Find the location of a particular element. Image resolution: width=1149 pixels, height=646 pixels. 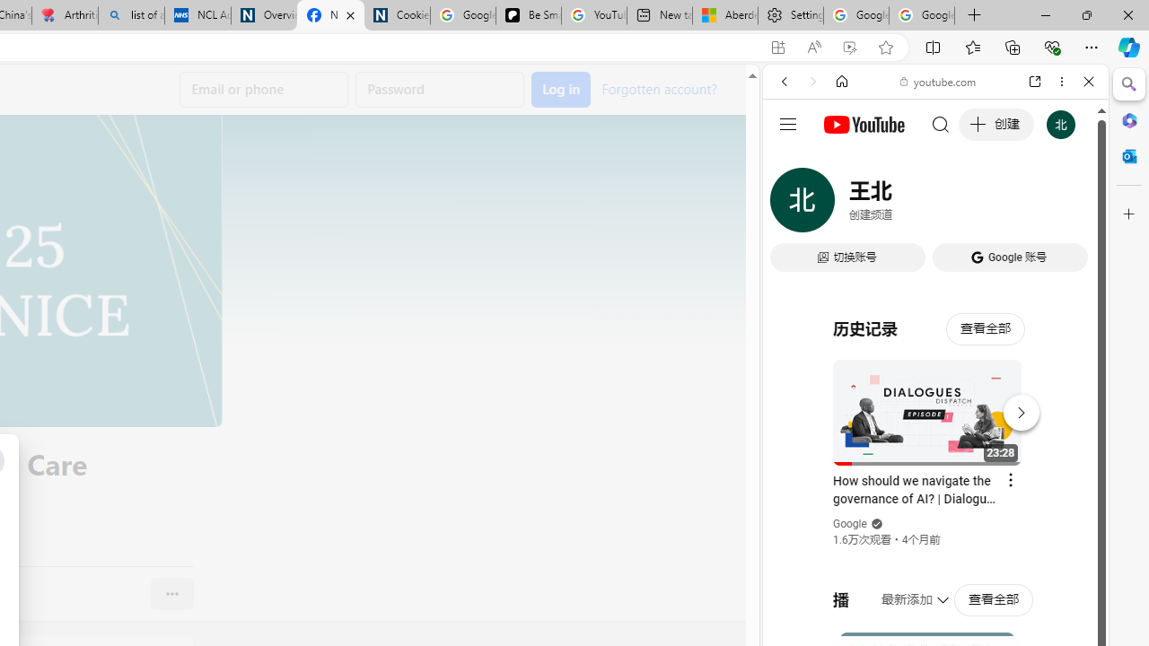

'NCL Adult Asthma Inhaler Choice Guideline' is located at coordinates (197, 15).